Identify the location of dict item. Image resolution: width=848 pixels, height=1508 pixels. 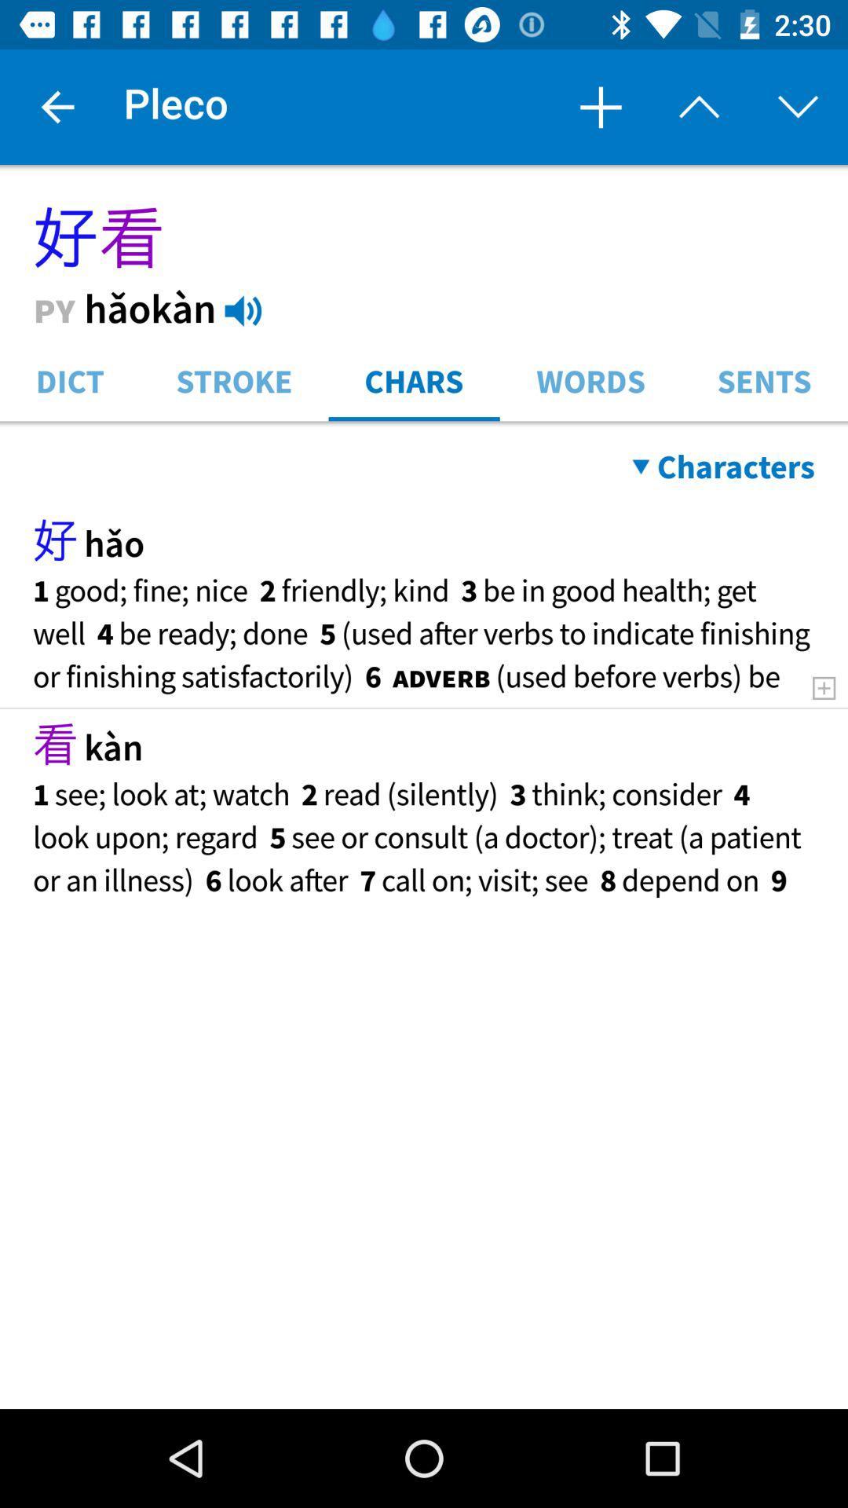
(69, 379).